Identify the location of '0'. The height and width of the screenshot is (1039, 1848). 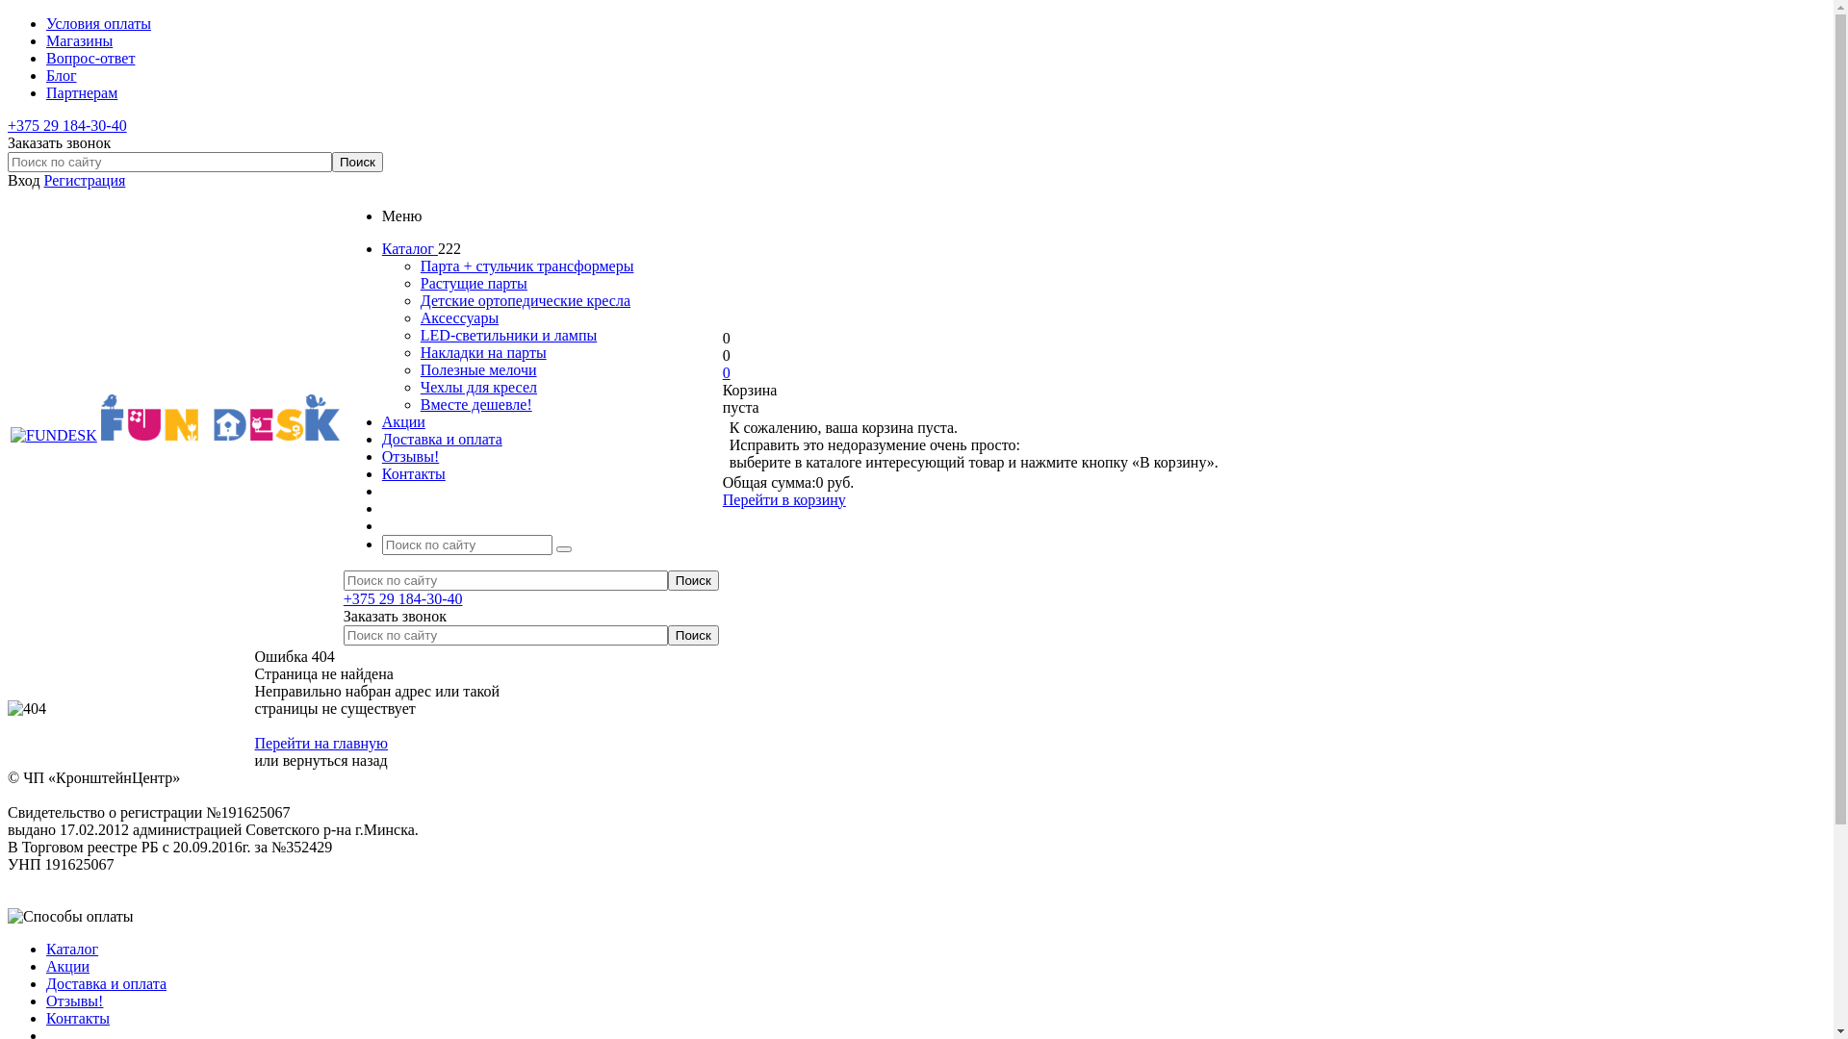
(721, 371).